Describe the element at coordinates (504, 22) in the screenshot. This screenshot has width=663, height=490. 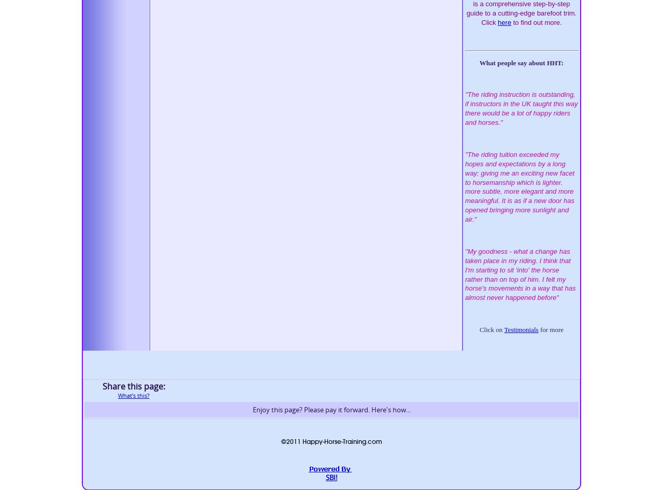
I see `'here'` at that location.